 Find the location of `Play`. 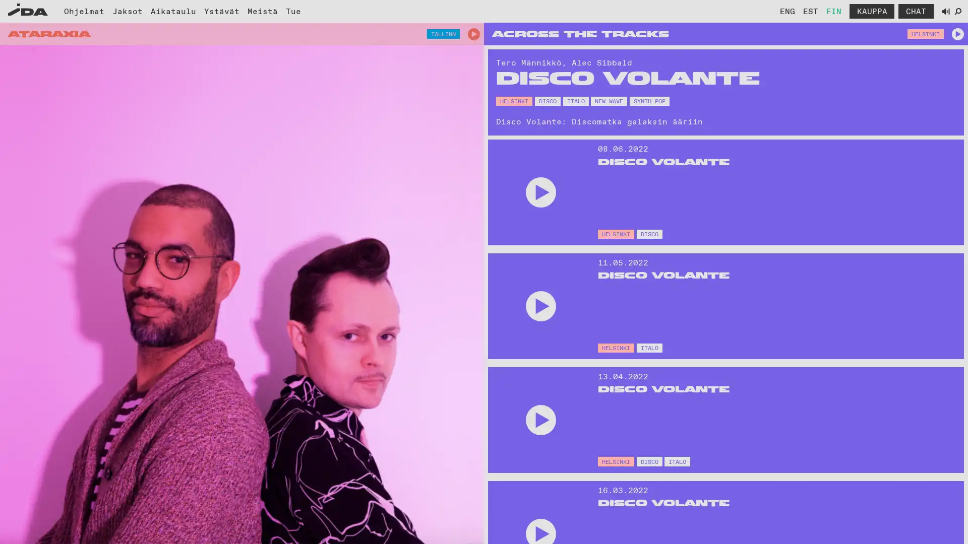

Play is located at coordinates (539, 420).